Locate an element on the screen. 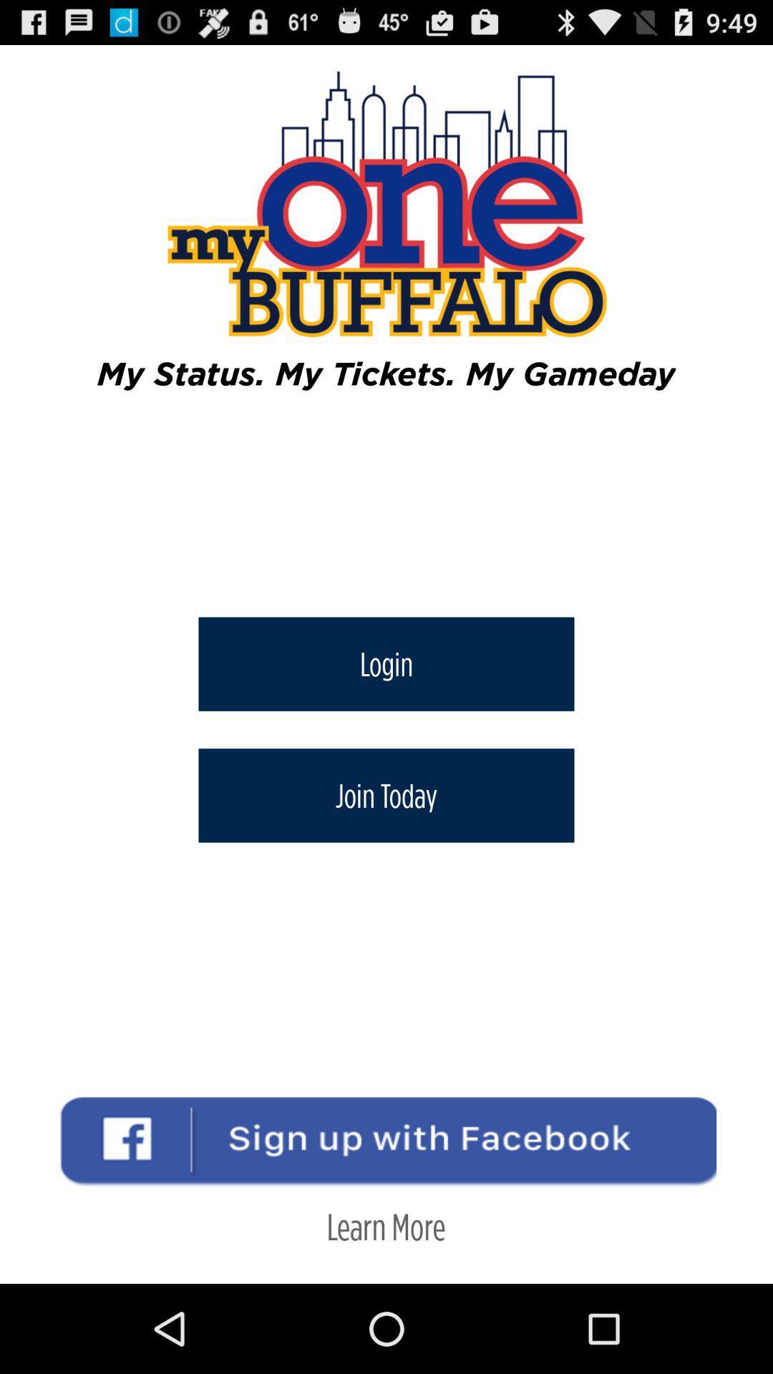  app at the bottom is located at coordinates (385, 1225).